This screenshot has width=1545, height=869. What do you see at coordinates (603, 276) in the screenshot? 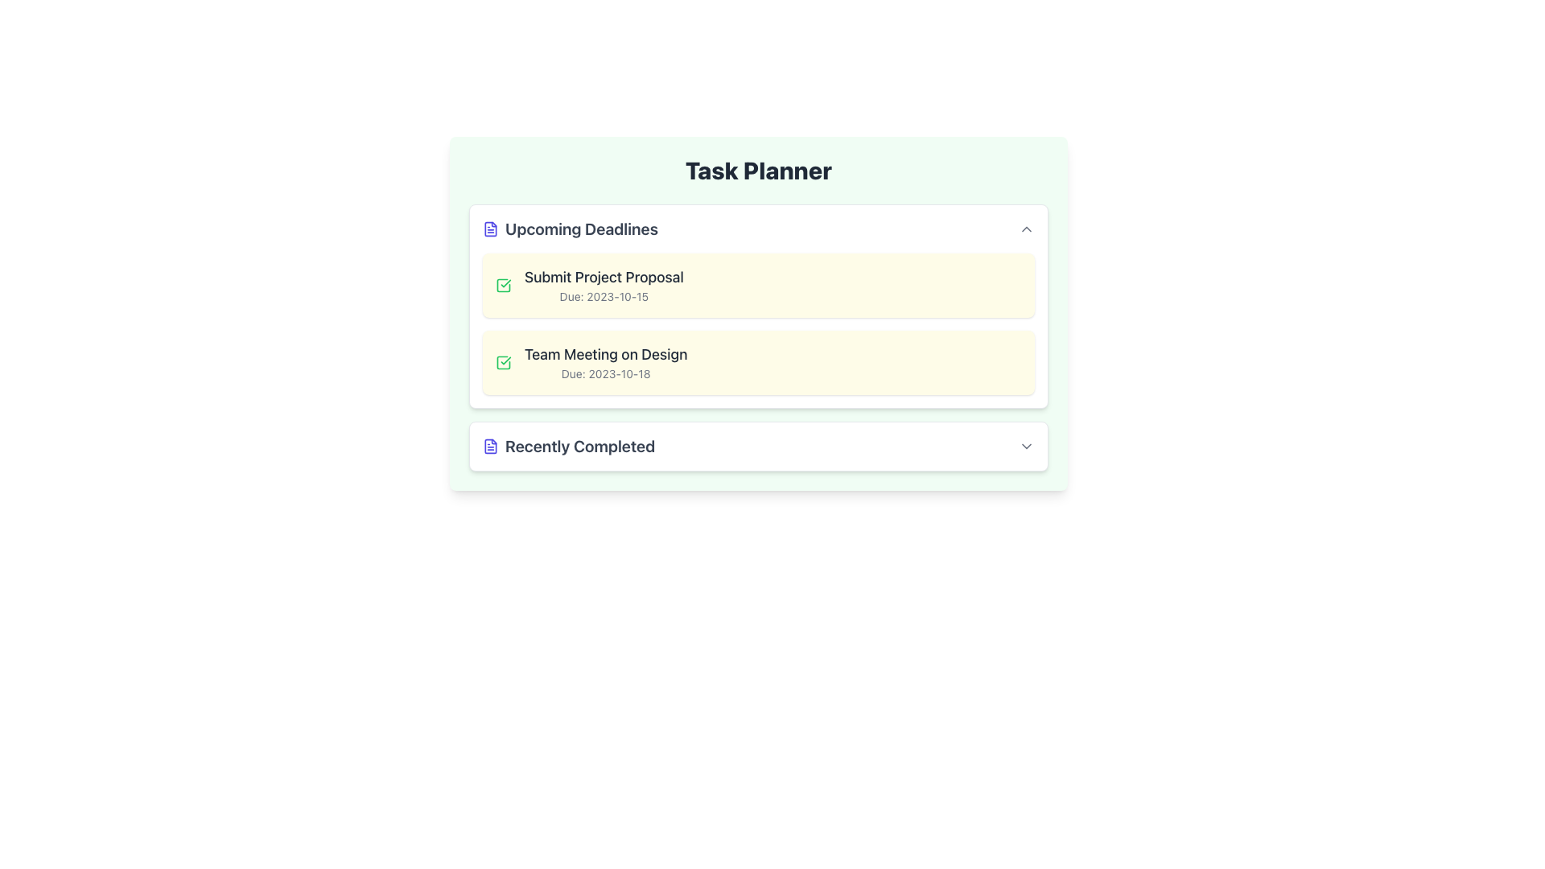
I see `the text label that identifies and highlights a specific task or project, located above the text 'Due: 2023-10-15' under the 'Upcoming Deadlines' section` at bounding box center [603, 276].